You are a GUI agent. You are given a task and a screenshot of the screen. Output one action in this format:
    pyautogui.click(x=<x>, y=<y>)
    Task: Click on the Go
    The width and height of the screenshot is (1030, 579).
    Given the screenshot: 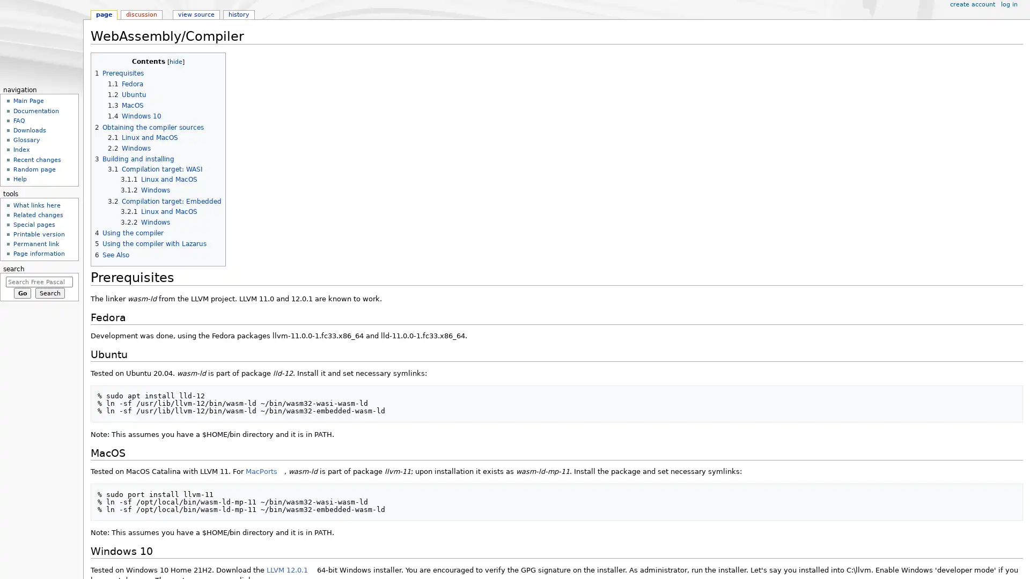 What is the action you would take?
    pyautogui.click(x=22, y=293)
    